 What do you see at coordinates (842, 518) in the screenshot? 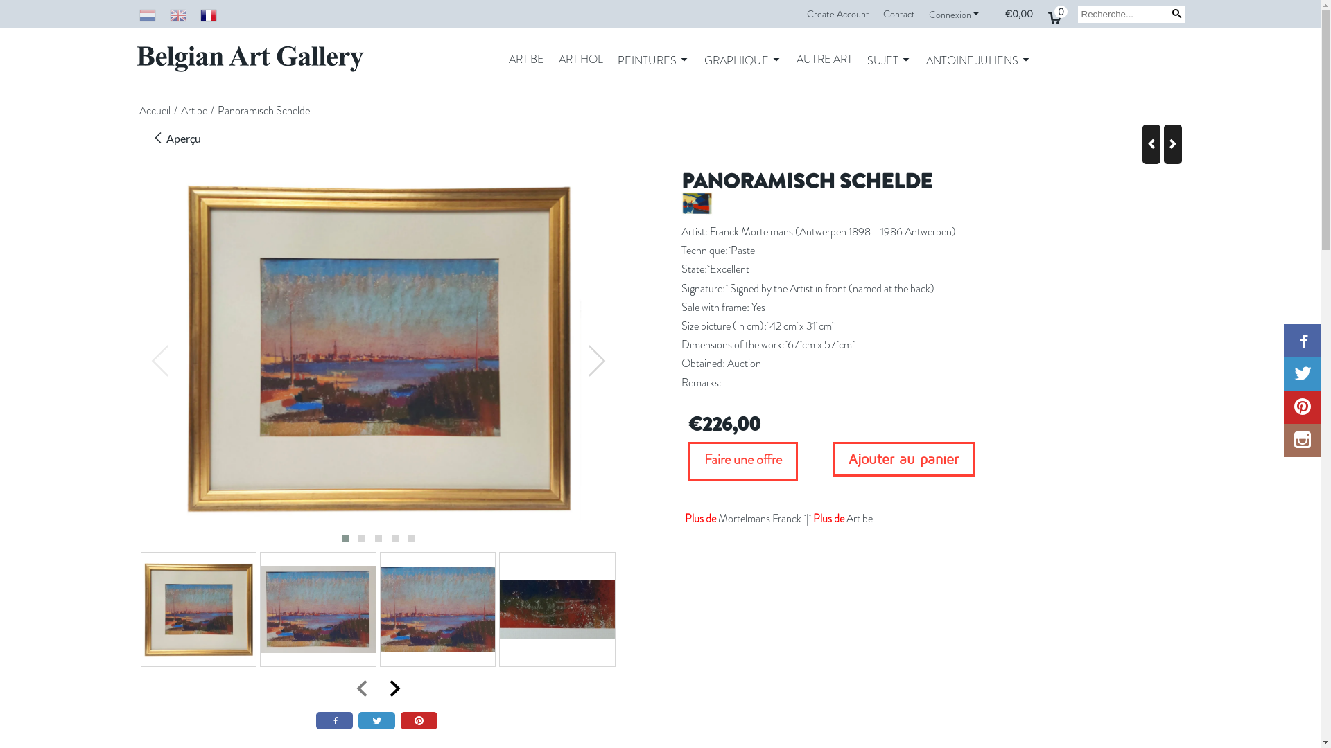
I see `'Plus de Art be'` at bounding box center [842, 518].